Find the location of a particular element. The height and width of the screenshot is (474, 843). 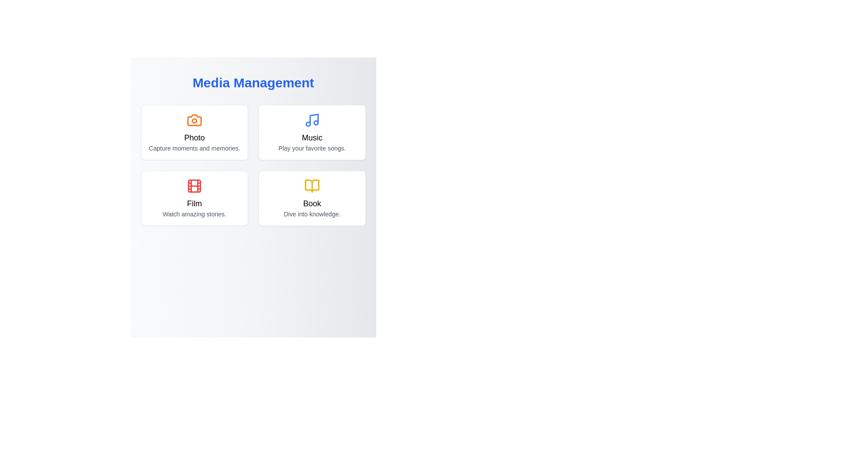

the 'Film' icon in the 'Media Management' interface, located in the bottom-left quadrant of the grid layout is located at coordinates (194, 186).